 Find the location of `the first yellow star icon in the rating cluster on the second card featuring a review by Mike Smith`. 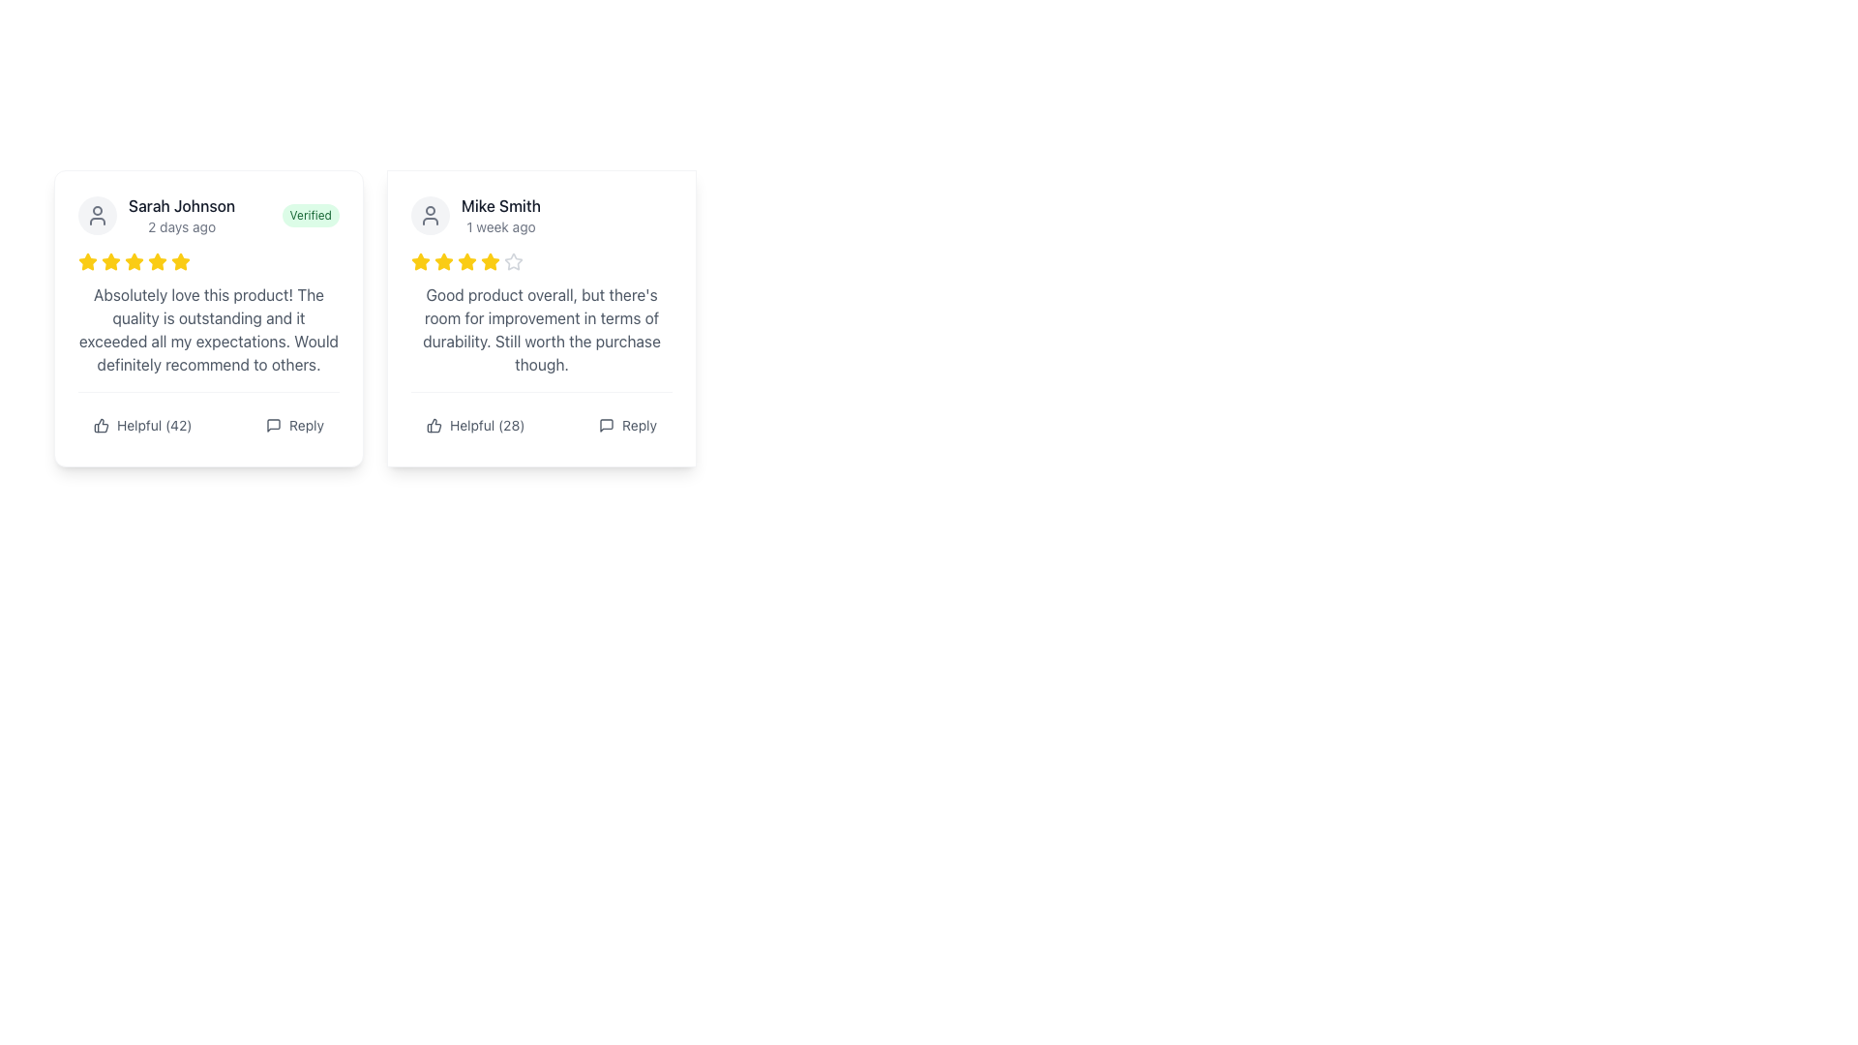

the first yellow star icon in the rating cluster on the second card featuring a review by Mike Smith is located at coordinates (420, 261).